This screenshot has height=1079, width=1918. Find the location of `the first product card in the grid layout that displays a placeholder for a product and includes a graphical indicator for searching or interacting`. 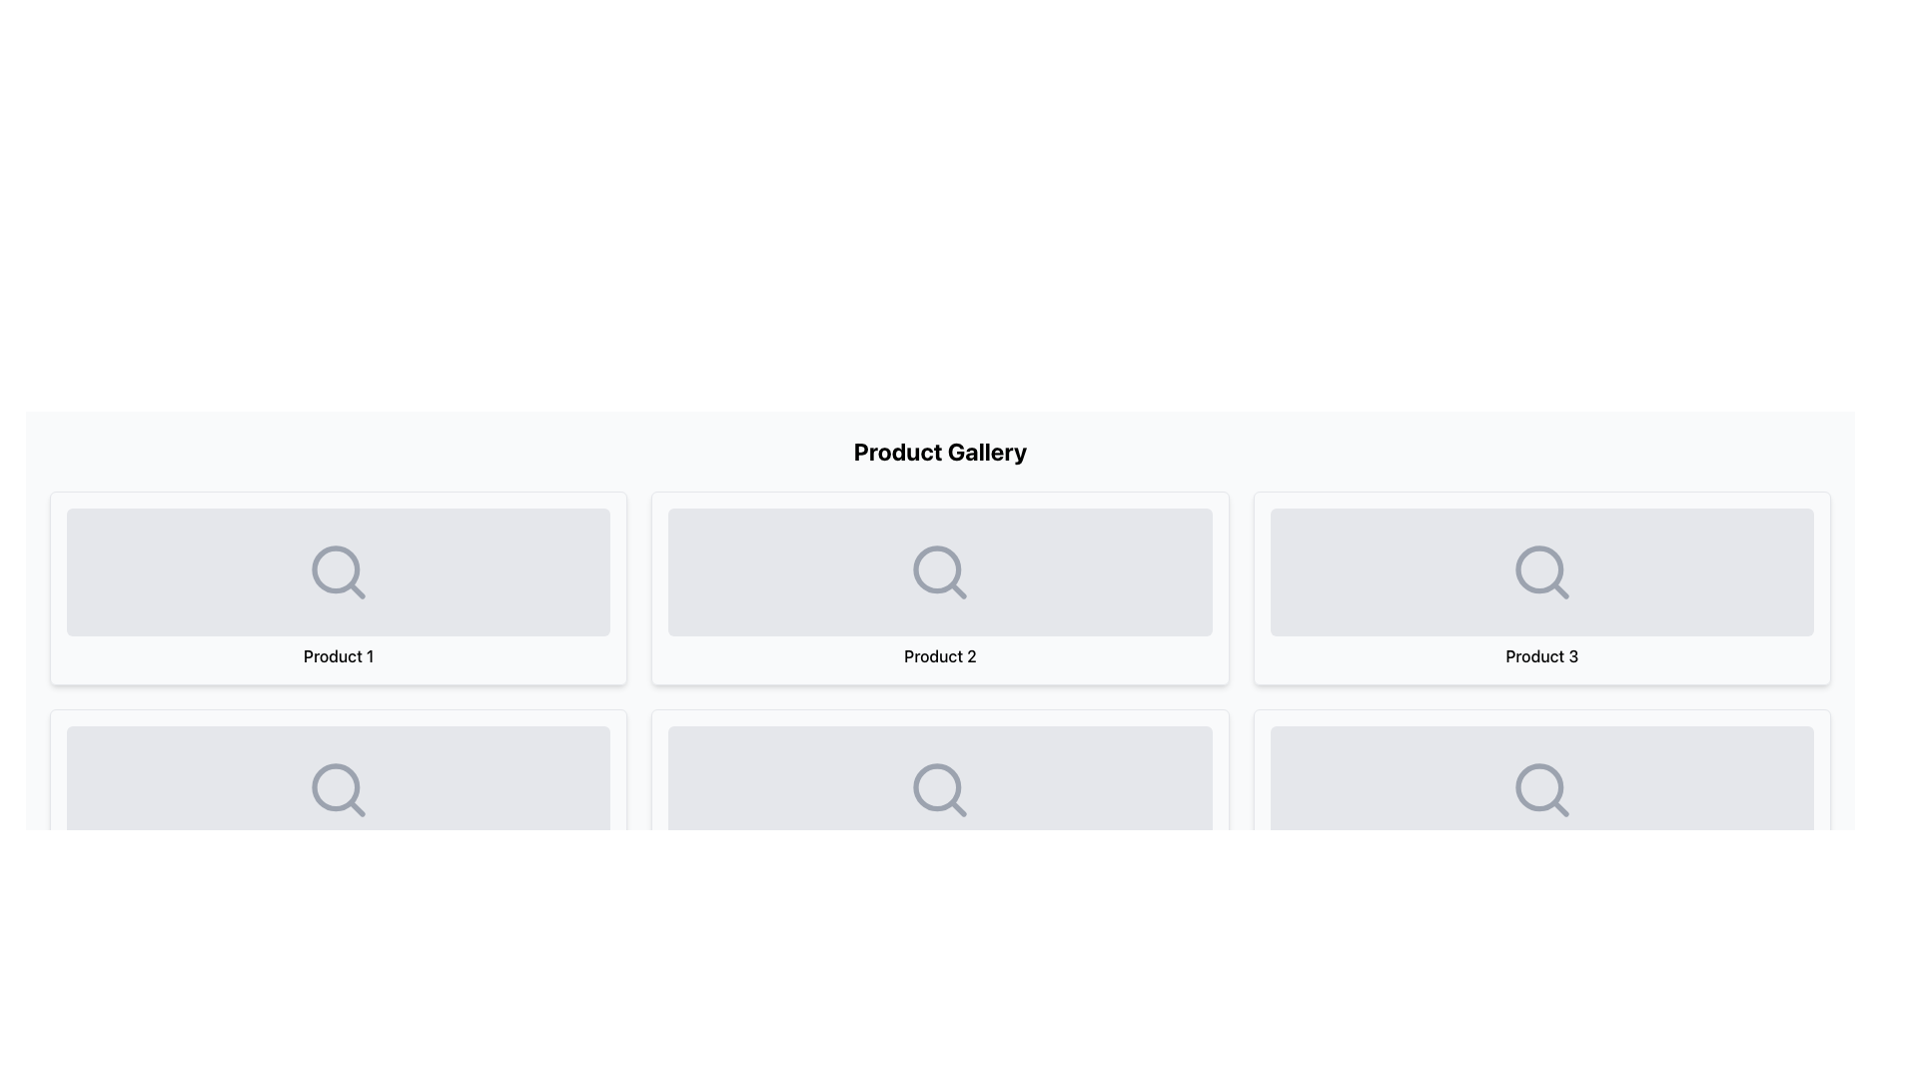

the first product card in the grid layout that displays a placeholder for a product and includes a graphical indicator for searching or interacting is located at coordinates (339, 587).